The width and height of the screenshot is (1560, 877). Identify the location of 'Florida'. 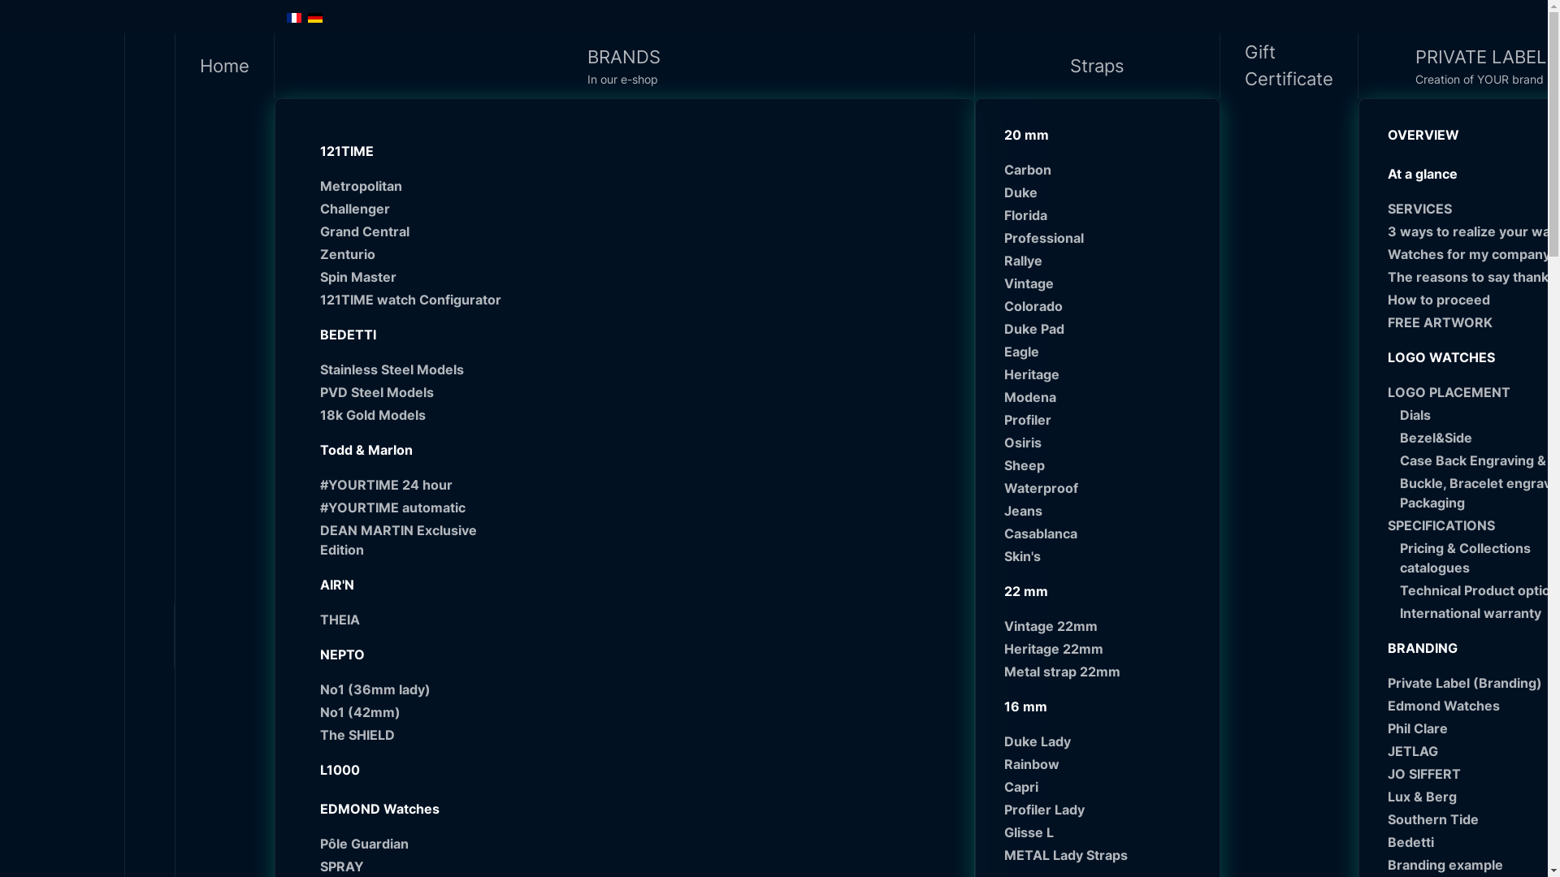
(1003, 214).